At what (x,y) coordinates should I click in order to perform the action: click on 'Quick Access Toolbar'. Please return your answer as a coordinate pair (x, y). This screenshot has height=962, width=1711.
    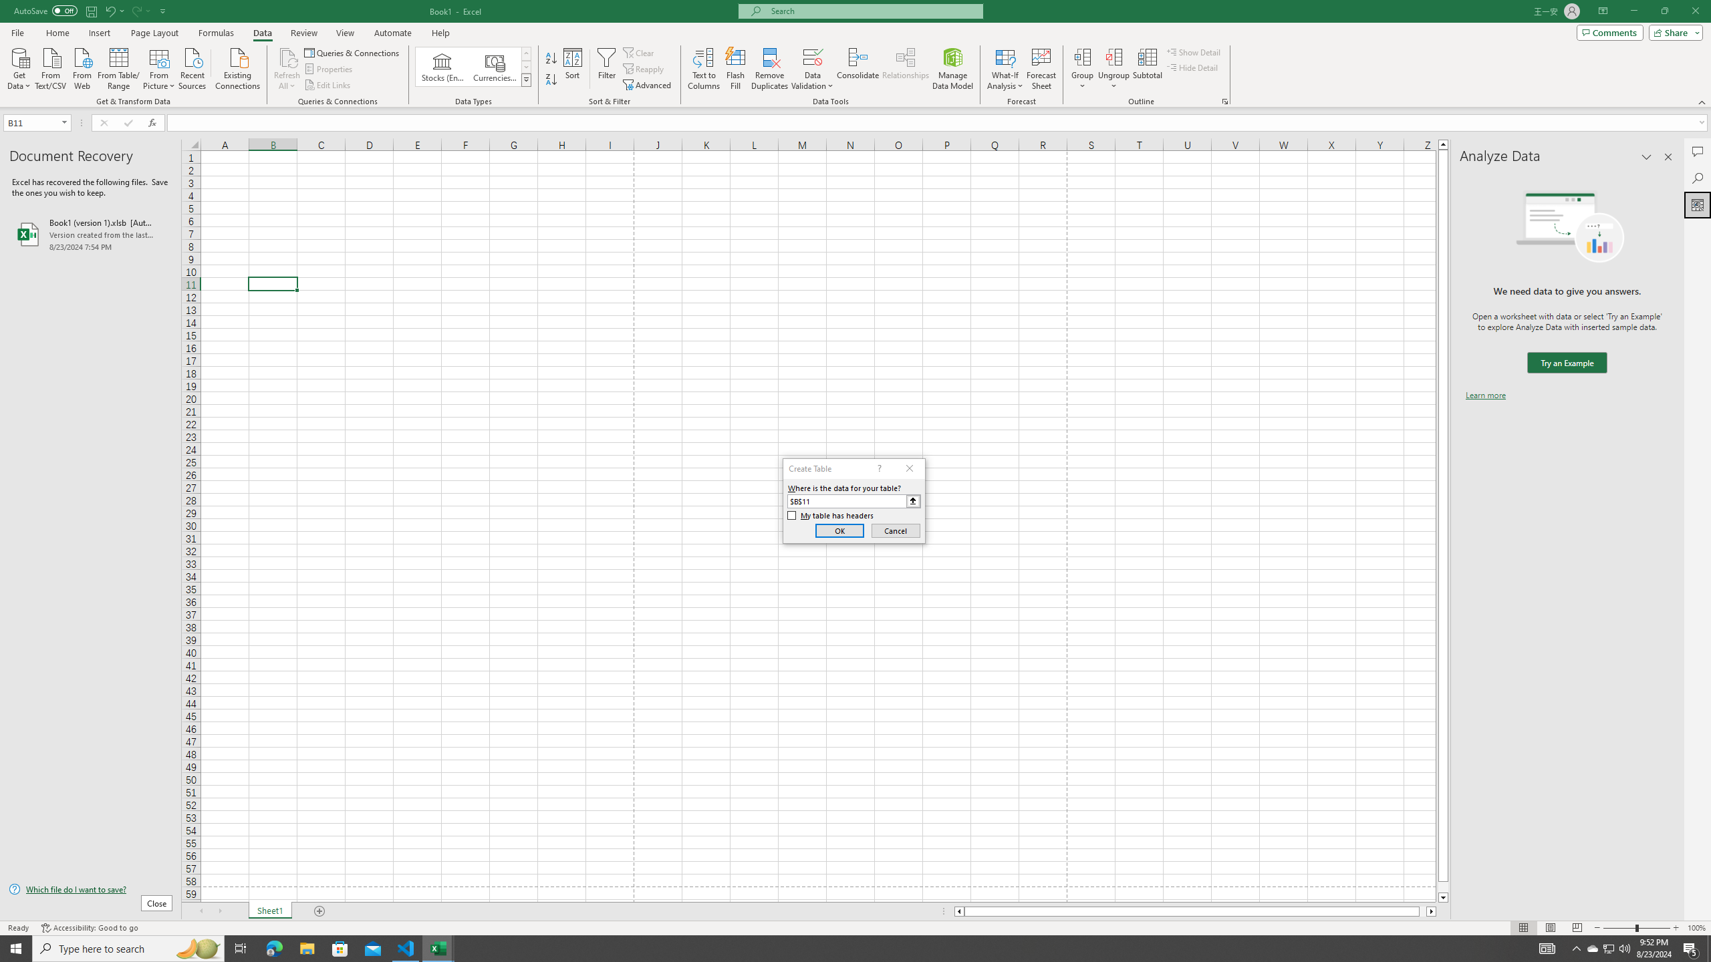
    Looking at the image, I should click on (90, 11).